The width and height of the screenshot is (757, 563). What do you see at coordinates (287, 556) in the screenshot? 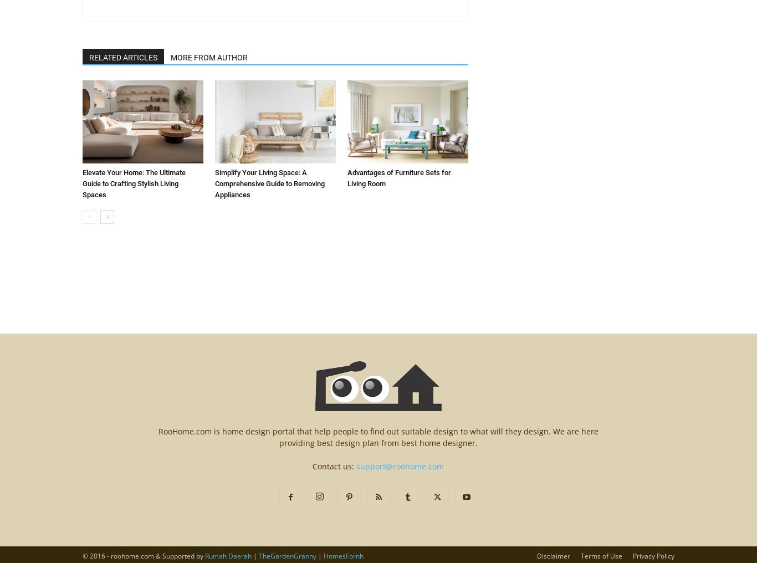
I see `'TheGardenGranny'` at bounding box center [287, 556].